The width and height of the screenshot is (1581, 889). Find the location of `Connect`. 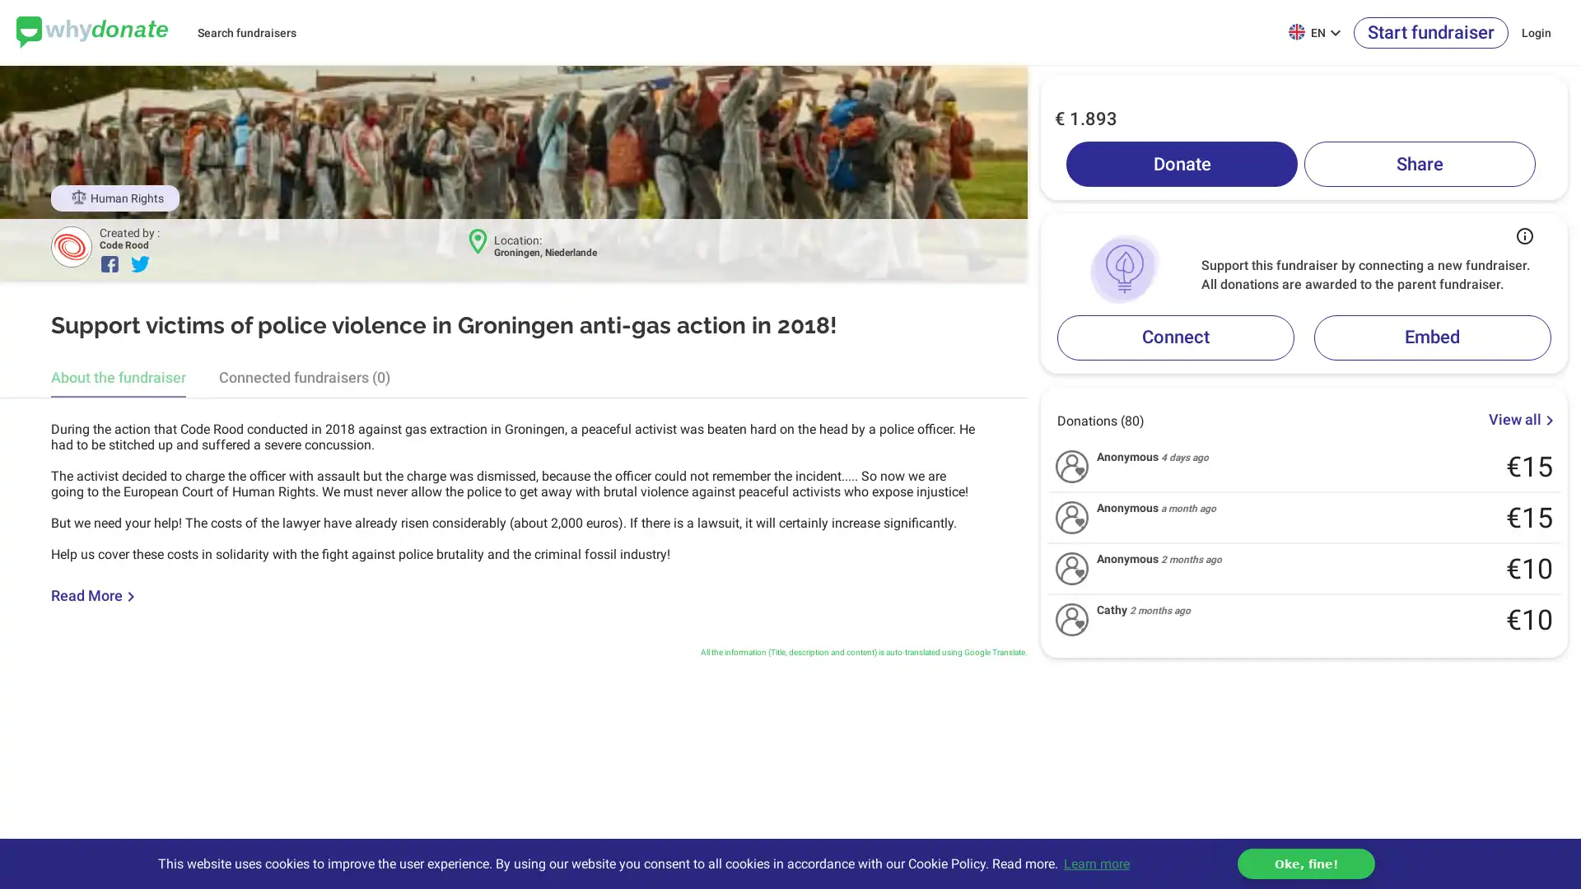

Connect is located at coordinates (1174, 336).